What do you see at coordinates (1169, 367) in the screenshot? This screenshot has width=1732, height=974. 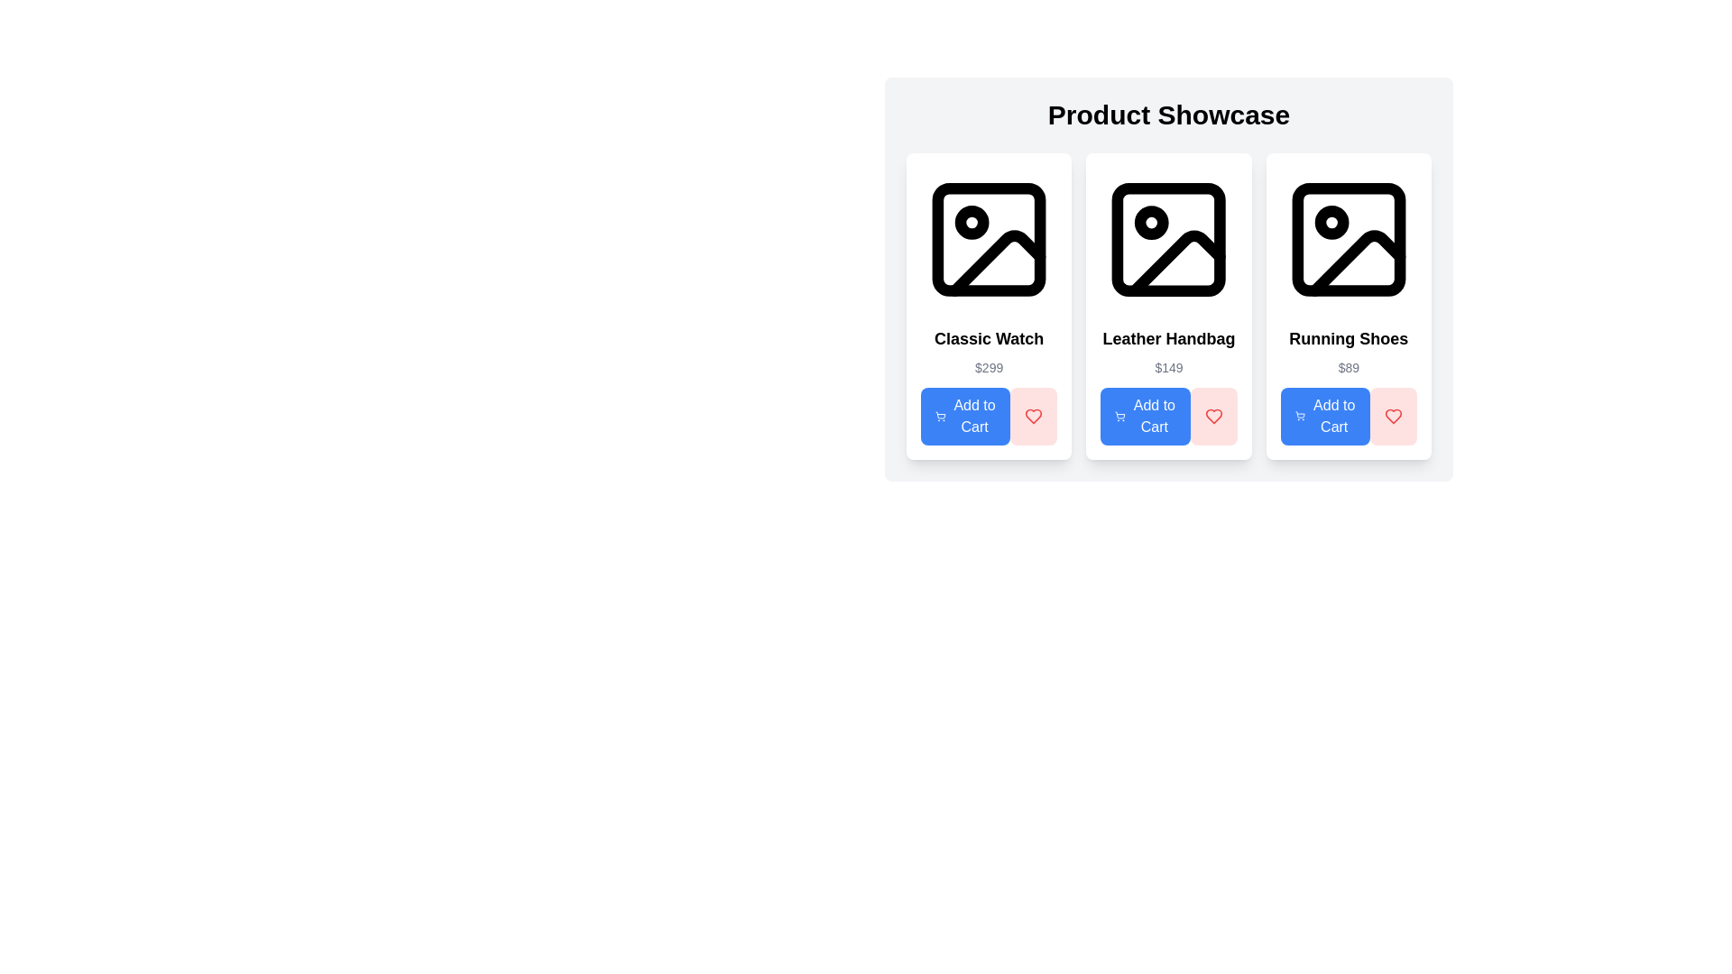 I see `text label displaying the price '$149' located under the title 'Leather Handbag' in the product listing card` at bounding box center [1169, 367].